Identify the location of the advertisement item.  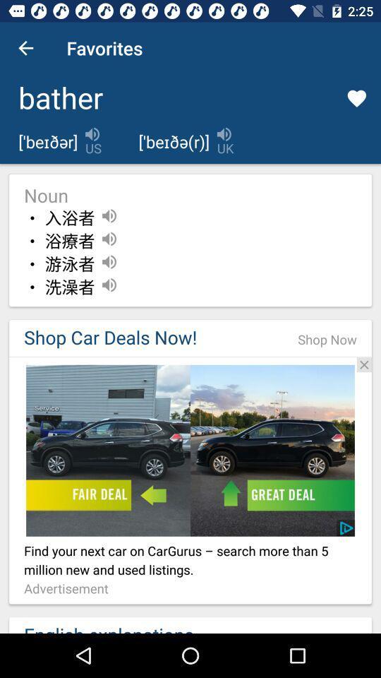
(69, 589).